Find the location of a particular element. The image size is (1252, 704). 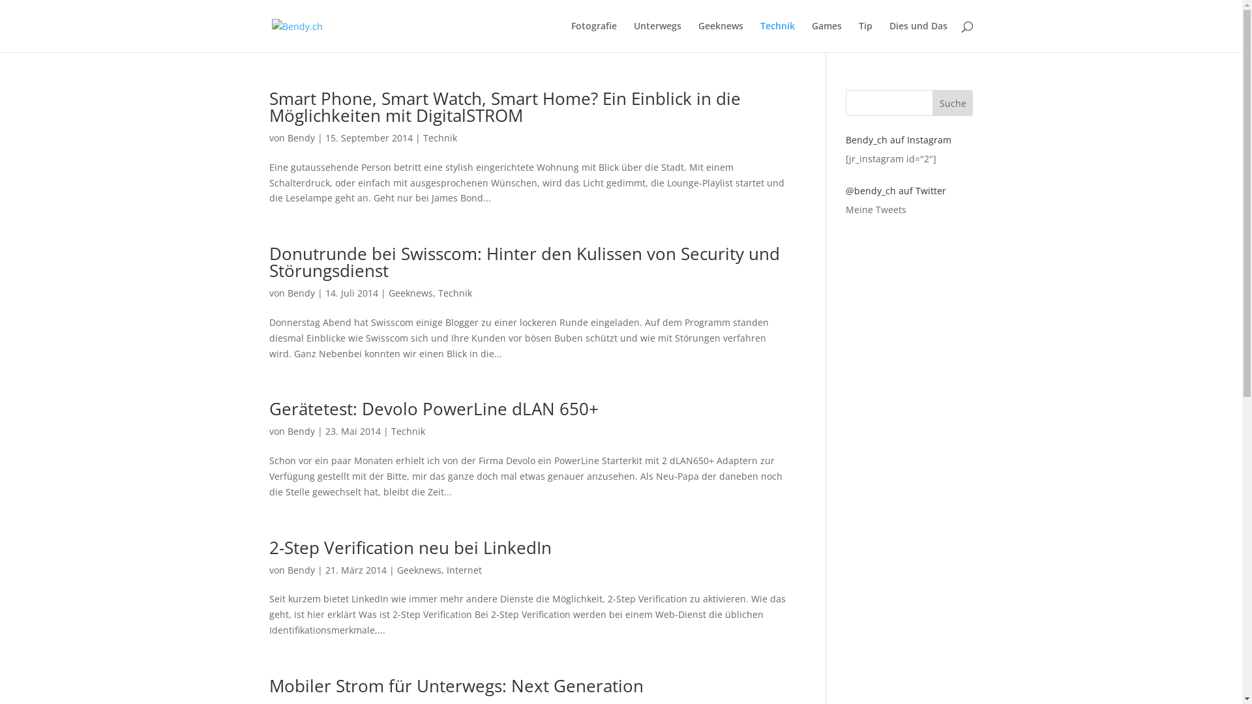

'Bendy' is located at coordinates (299, 431).